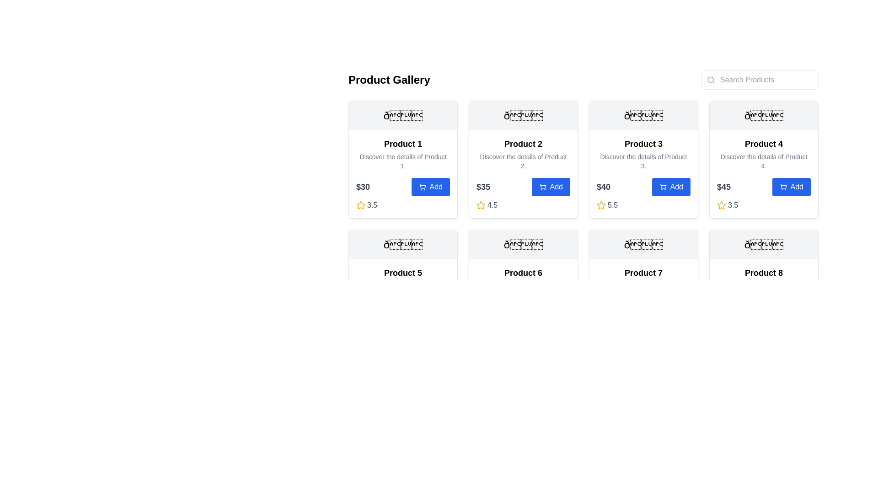  I want to click on the 'Product 3' text label located in the third card of the grid layout, so click(643, 144).